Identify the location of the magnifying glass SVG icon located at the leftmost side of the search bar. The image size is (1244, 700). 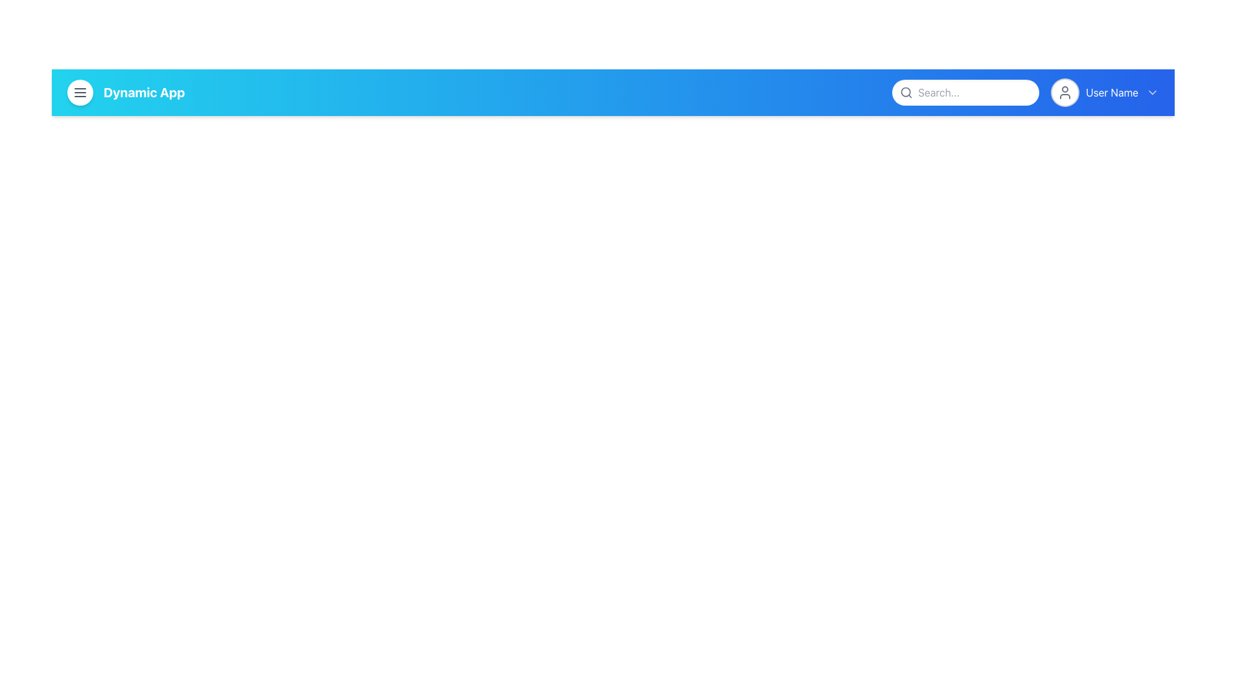
(905, 91).